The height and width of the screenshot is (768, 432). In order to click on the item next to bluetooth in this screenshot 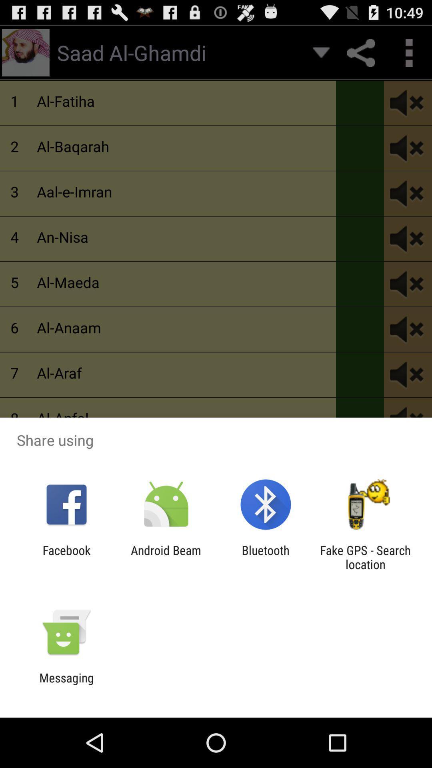, I will do `click(365, 557)`.